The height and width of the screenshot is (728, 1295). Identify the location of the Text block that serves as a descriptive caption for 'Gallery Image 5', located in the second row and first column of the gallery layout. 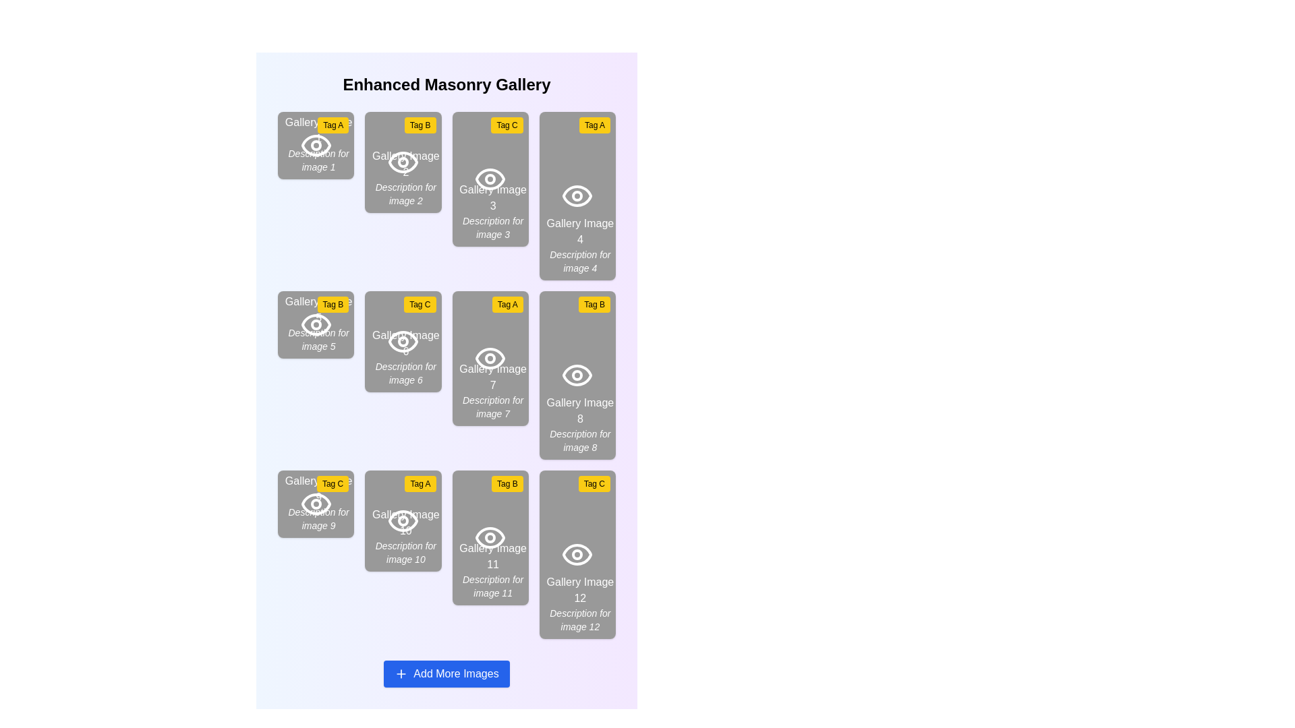
(318, 323).